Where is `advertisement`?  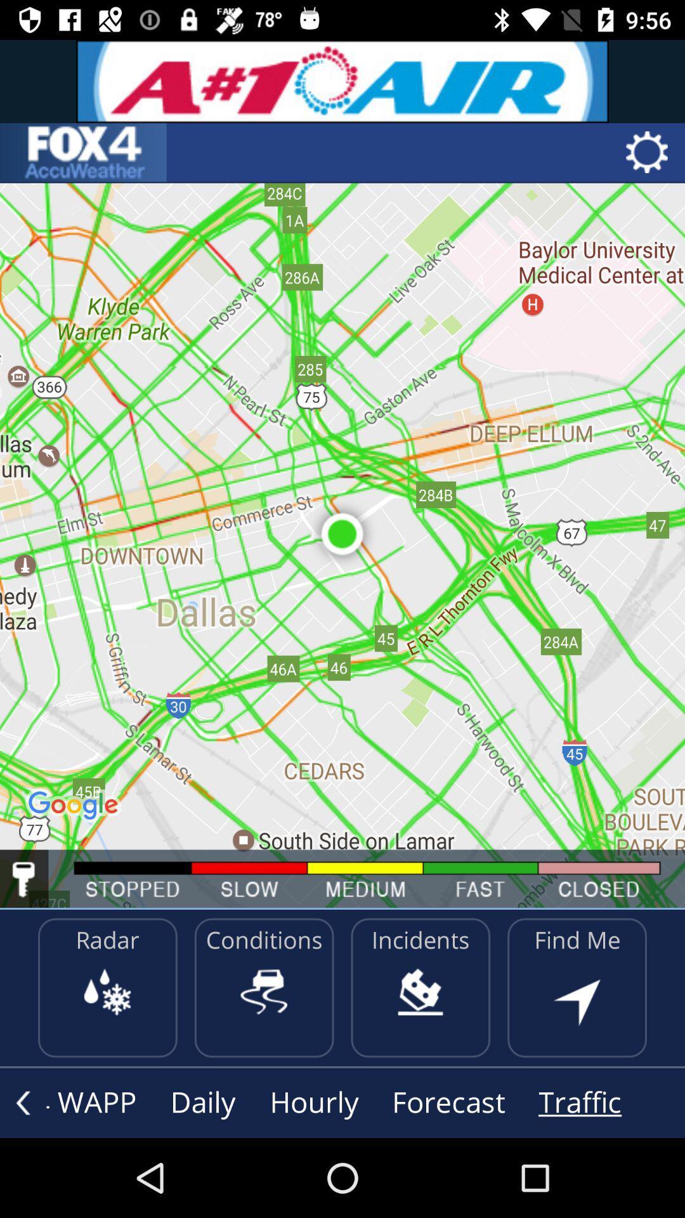
advertisement is located at coordinates (342, 81).